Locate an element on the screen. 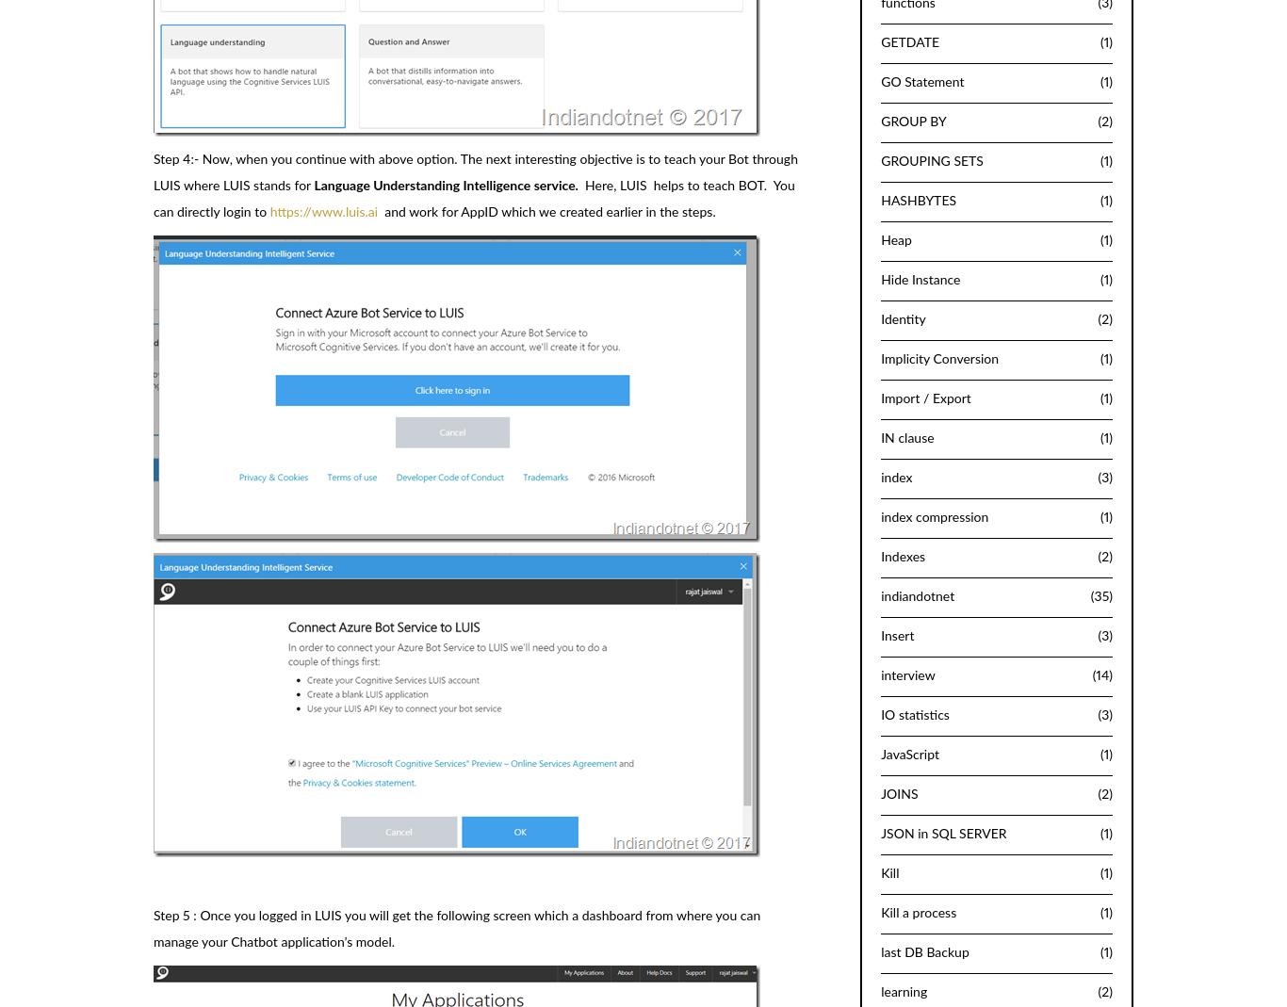 The image size is (1287, 1007). 'last DB Backup' is located at coordinates (924, 951).